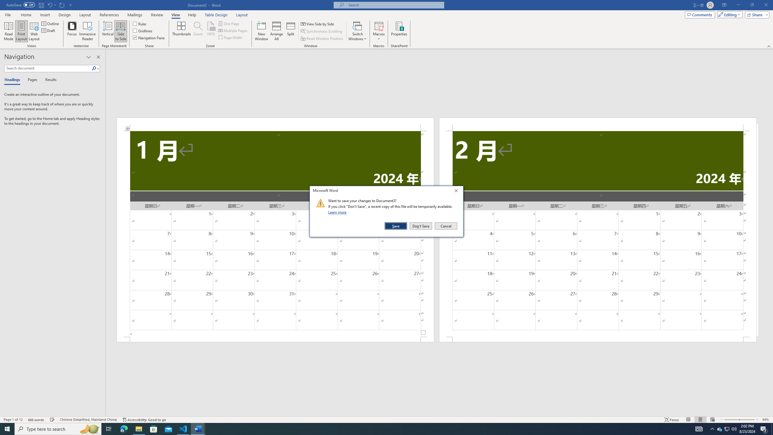 The image size is (773, 435). I want to click on 'View Side by Side', so click(318, 24).